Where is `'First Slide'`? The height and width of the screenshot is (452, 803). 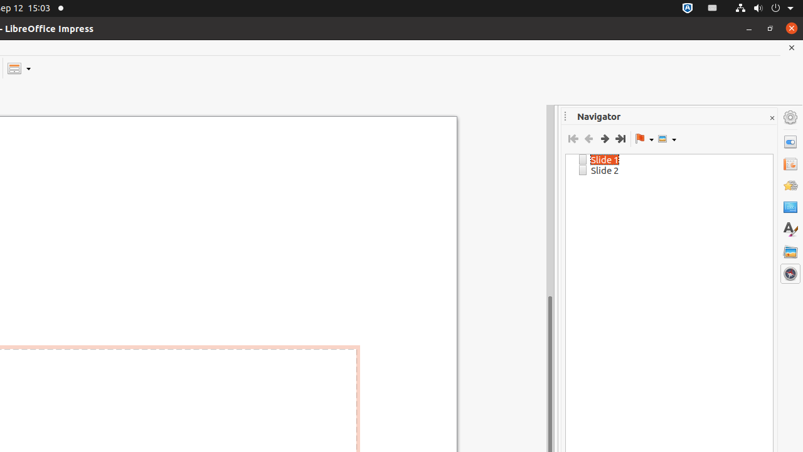
'First Slide' is located at coordinates (572, 139).